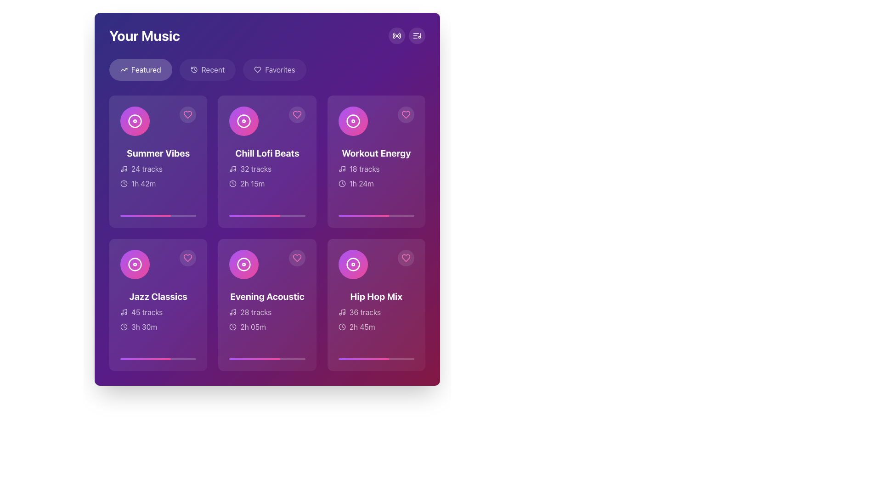 The width and height of the screenshot is (882, 496). I want to click on the visual significance of the 'Featured' icon, which is the first element in the button group located at the top-left of the interface, so click(123, 69).